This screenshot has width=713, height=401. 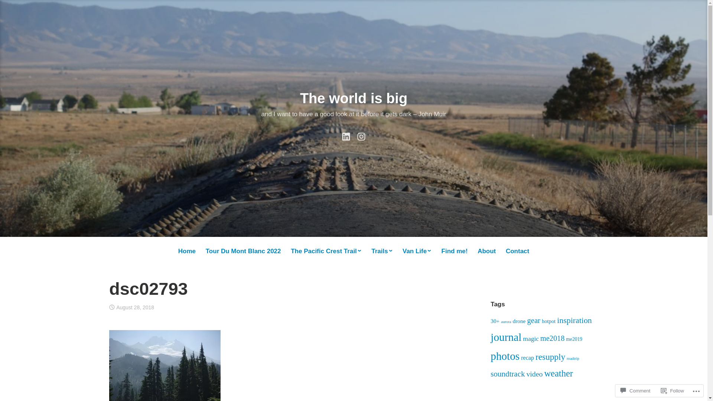 What do you see at coordinates (530, 338) in the screenshot?
I see `'magic'` at bounding box center [530, 338].